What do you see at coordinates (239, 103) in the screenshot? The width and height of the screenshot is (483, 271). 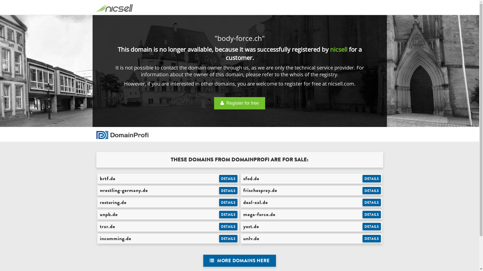 I see `'  Register for free'` at bounding box center [239, 103].